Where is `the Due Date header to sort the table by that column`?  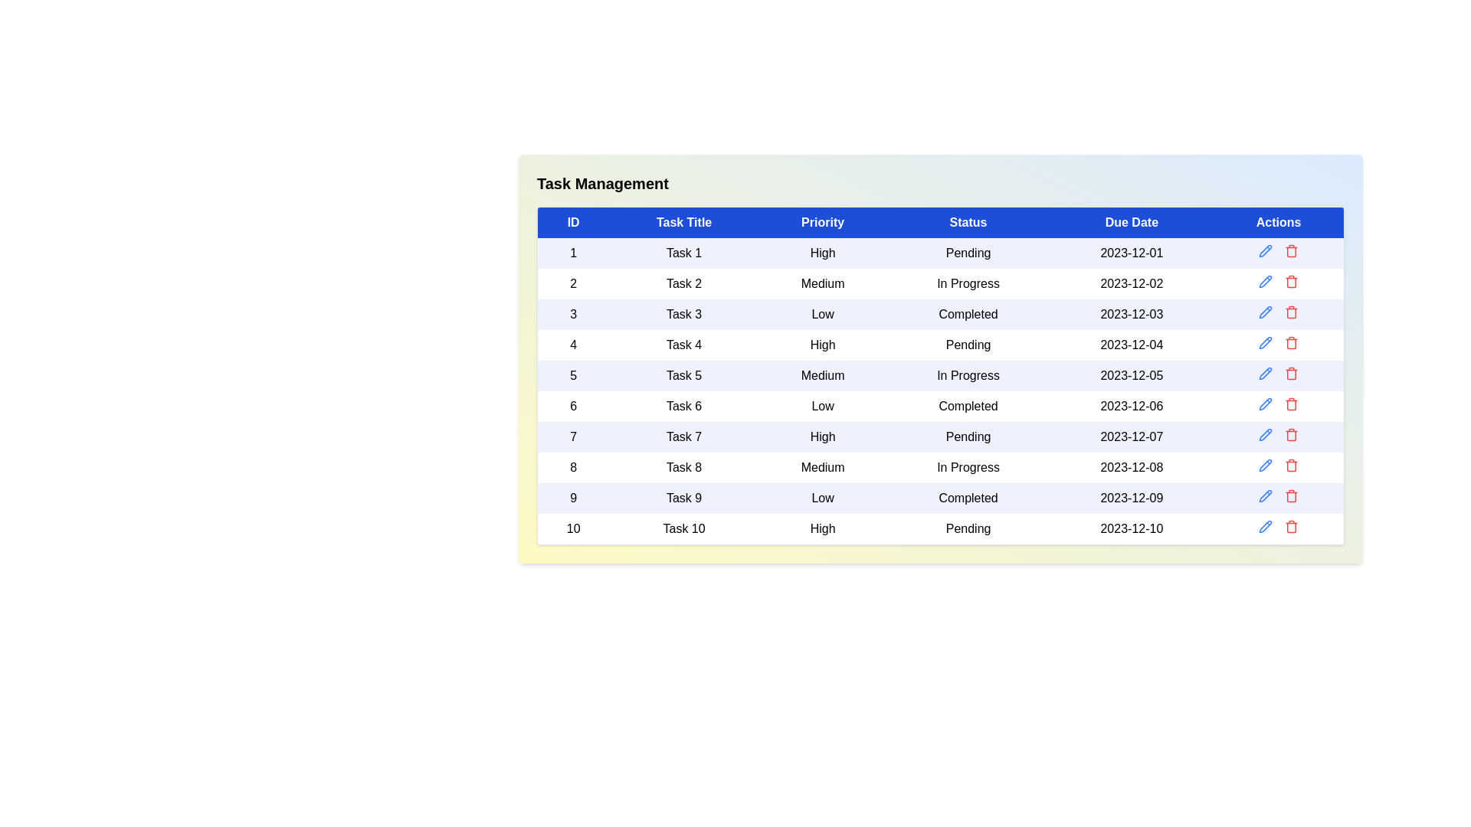
the Due Date header to sort the table by that column is located at coordinates (1132, 222).